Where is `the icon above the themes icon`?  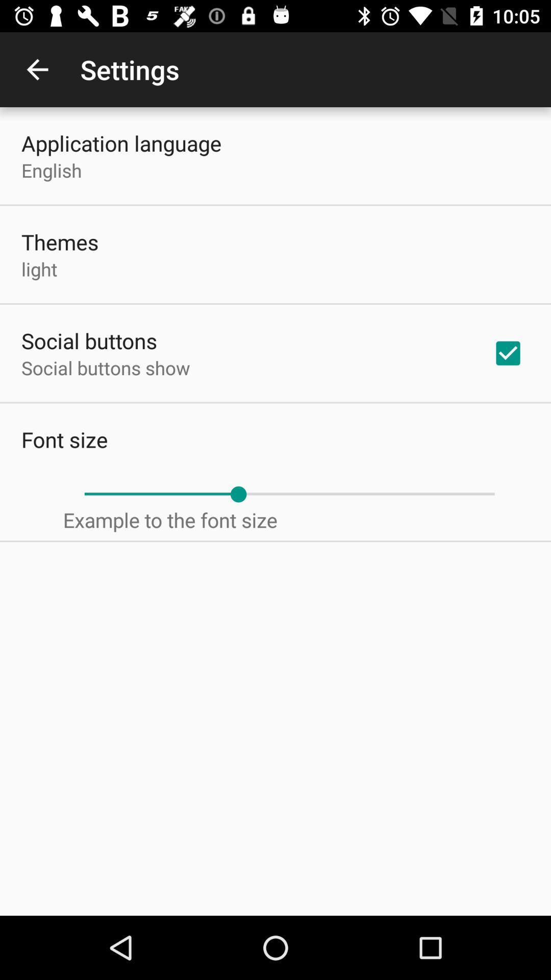
the icon above the themes icon is located at coordinates (52, 170).